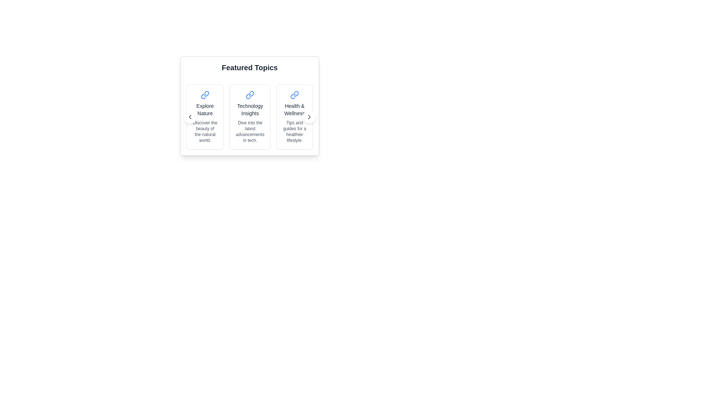 The height and width of the screenshot is (395, 702). Describe the element at coordinates (250, 94) in the screenshot. I see `the connection icon located in the top area of the 'Technology Insights' card` at that location.